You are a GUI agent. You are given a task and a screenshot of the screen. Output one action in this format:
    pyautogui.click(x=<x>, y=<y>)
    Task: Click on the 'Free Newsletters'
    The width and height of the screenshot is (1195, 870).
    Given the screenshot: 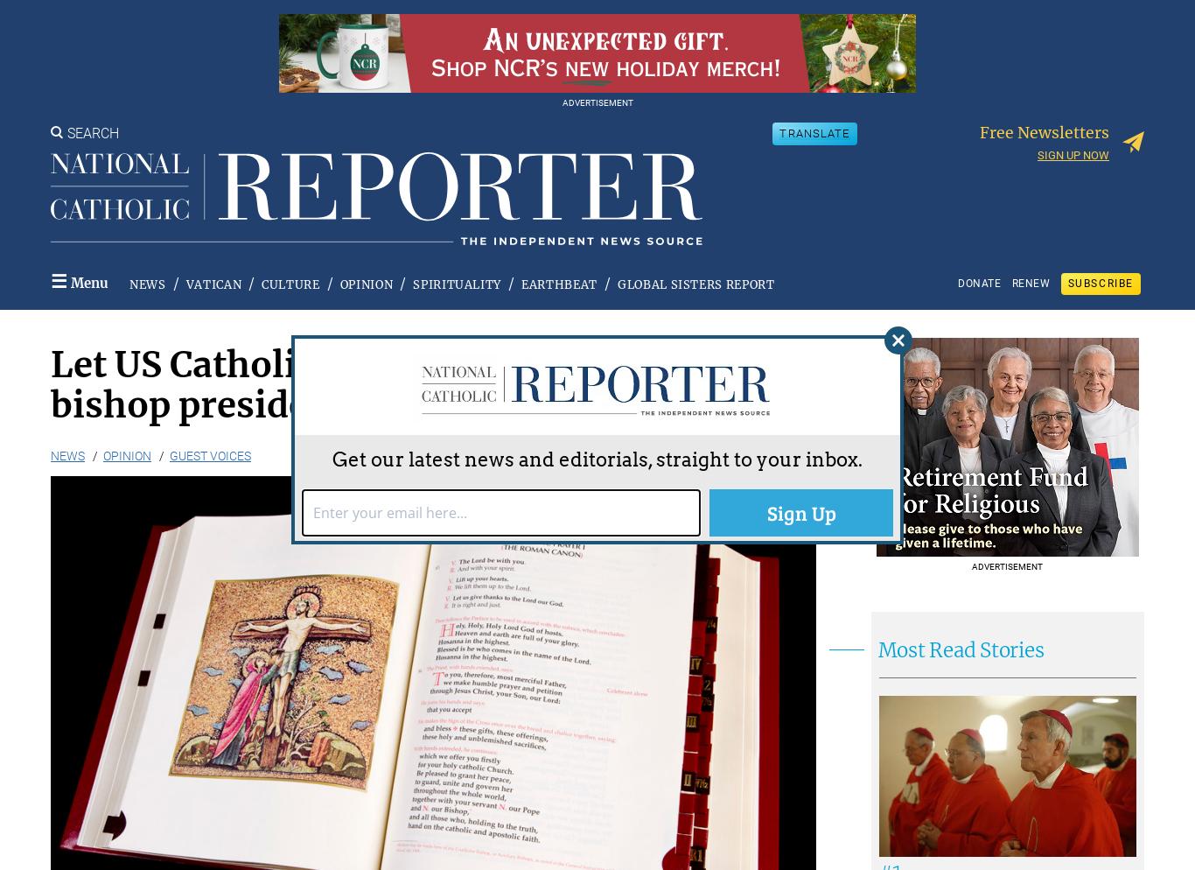 What is the action you would take?
    pyautogui.click(x=978, y=131)
    